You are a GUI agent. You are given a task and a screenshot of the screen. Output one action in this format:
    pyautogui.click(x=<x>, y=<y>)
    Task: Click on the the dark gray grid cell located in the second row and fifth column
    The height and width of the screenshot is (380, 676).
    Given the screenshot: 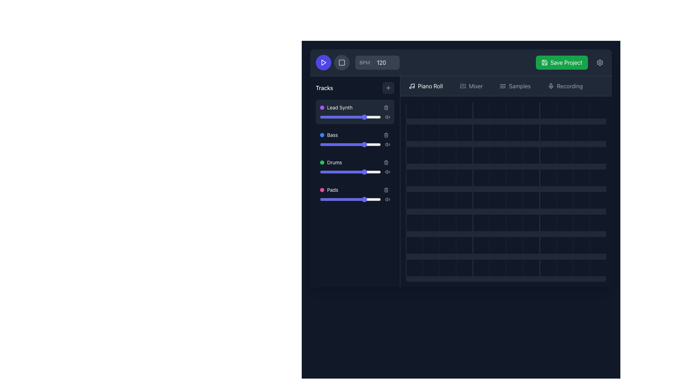 What is the action you would take?
    pyautogui.click(x=481, y=133)
    